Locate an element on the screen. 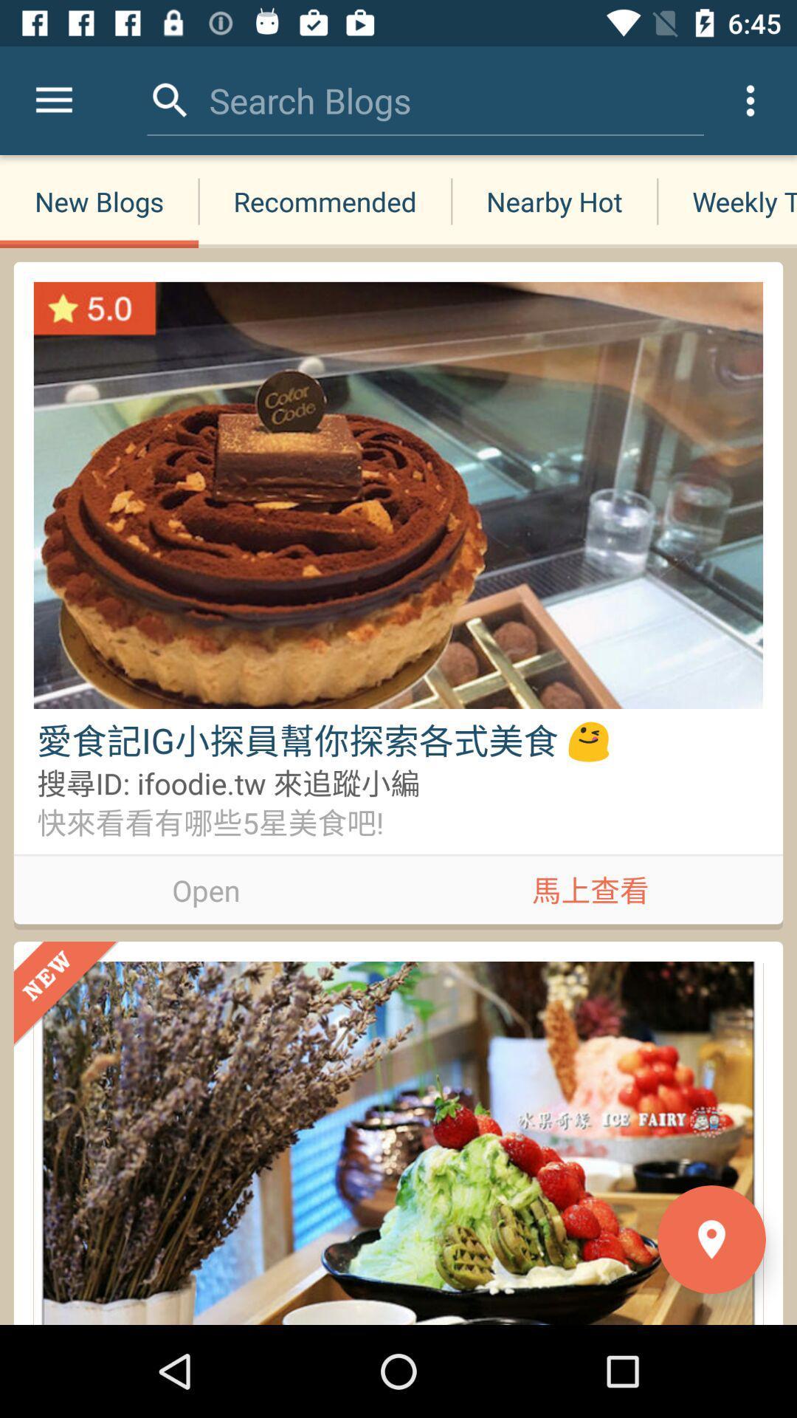  the search icon on left side of text search blogs is located at coordinates (170, 100).